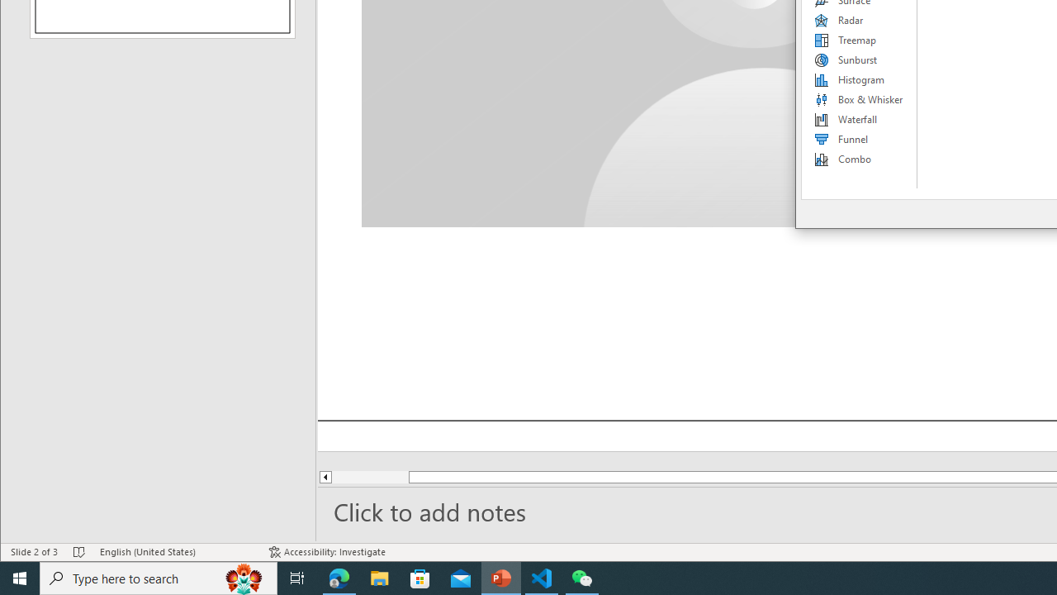 Image resolution: width=1057 pixels, height=595 pixels. I want to click on 'Histogram', so click(859, 79).